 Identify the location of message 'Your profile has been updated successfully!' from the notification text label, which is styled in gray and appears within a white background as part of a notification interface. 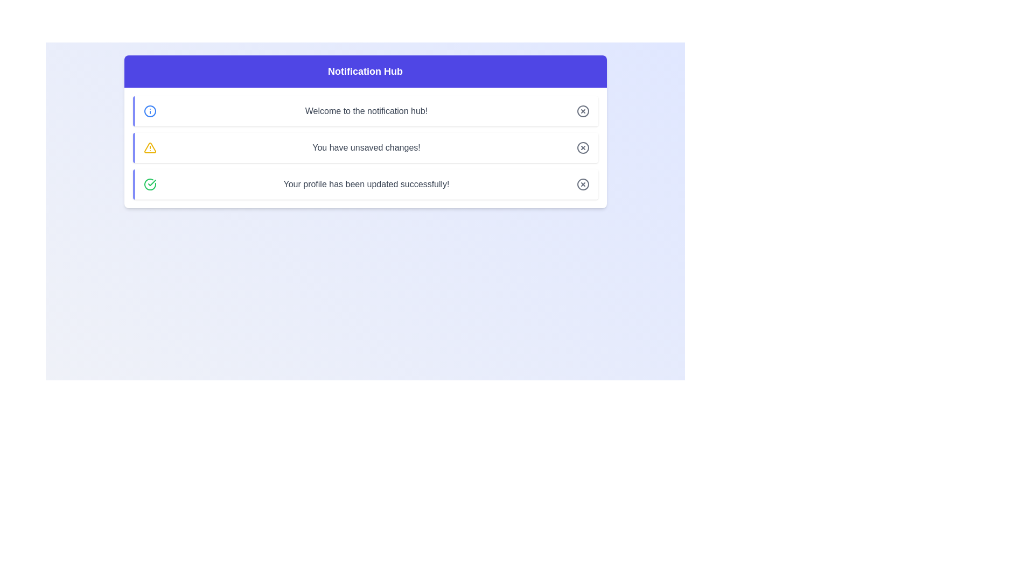
(366, 184).